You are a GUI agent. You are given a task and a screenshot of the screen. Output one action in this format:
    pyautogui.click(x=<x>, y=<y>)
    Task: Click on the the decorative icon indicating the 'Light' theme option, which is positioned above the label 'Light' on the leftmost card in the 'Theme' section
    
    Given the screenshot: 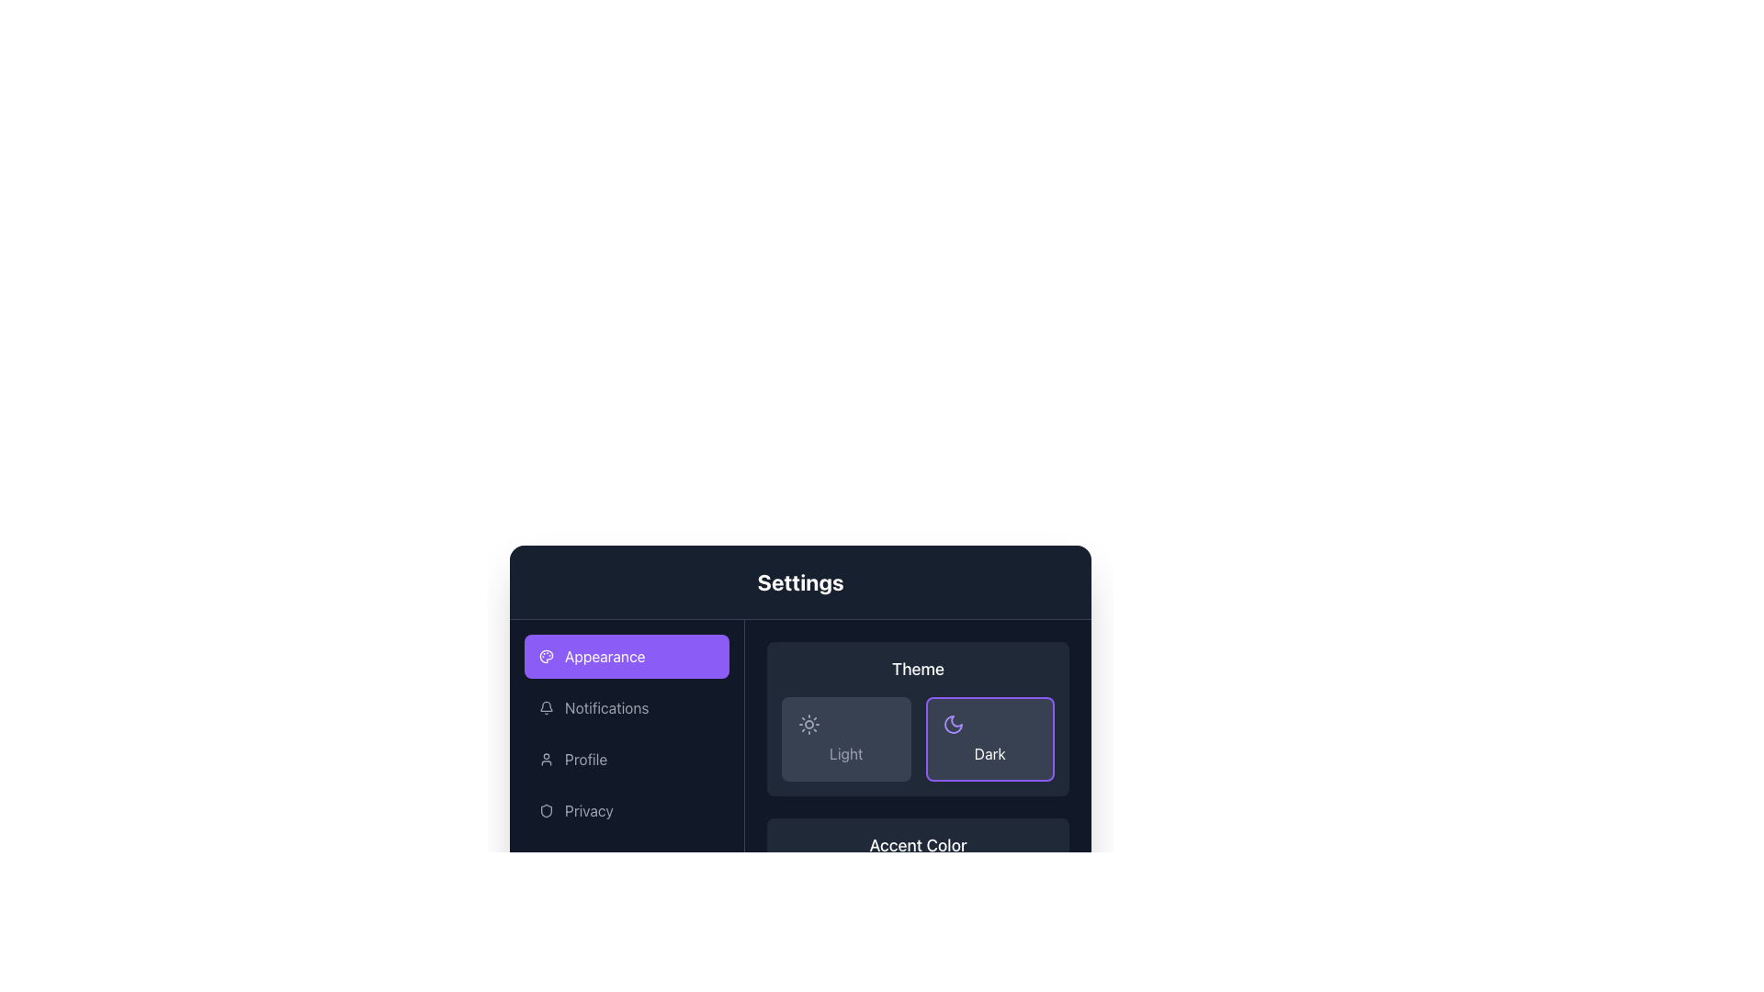 What is the action you would take?
    pyautogui.click(x=808, y=724)
    